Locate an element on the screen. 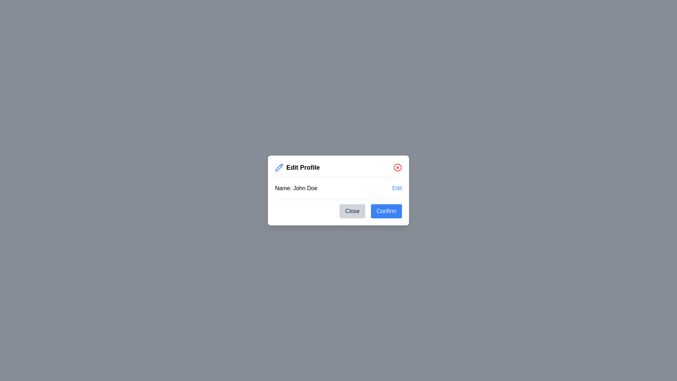 The image size is (677, 381). the close button located in the top-right corner of the 'Edit Profile' section is located at coordinates (398, 167).